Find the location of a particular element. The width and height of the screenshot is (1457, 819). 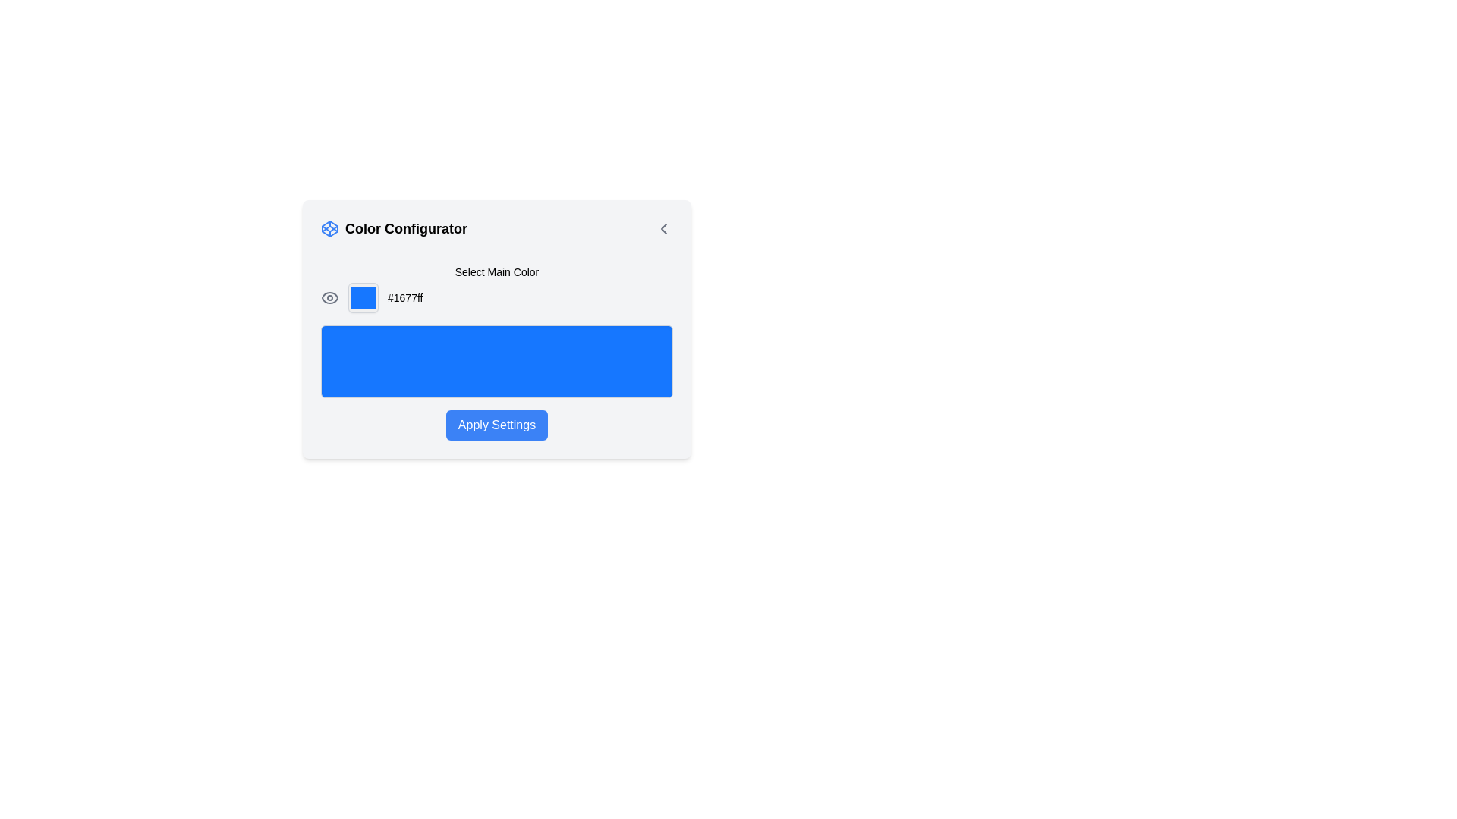

the color display box showing the color '#1677ff' is located at coordinates (496, 298).